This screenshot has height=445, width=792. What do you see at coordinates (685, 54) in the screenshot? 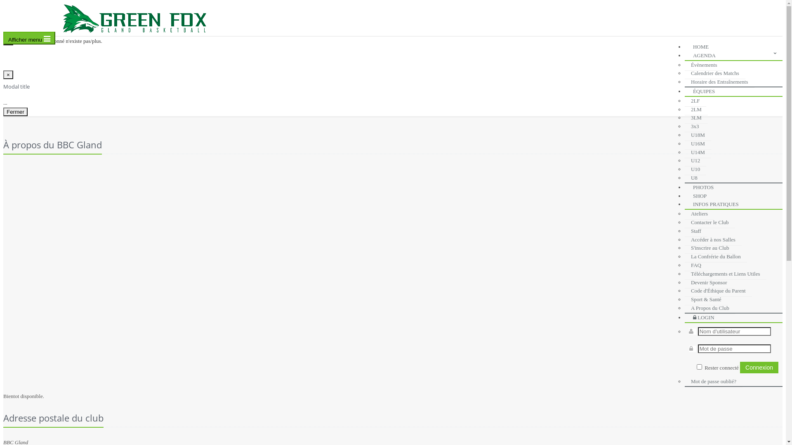
I see `'AGENDA'` at bounding box center [685, 54].